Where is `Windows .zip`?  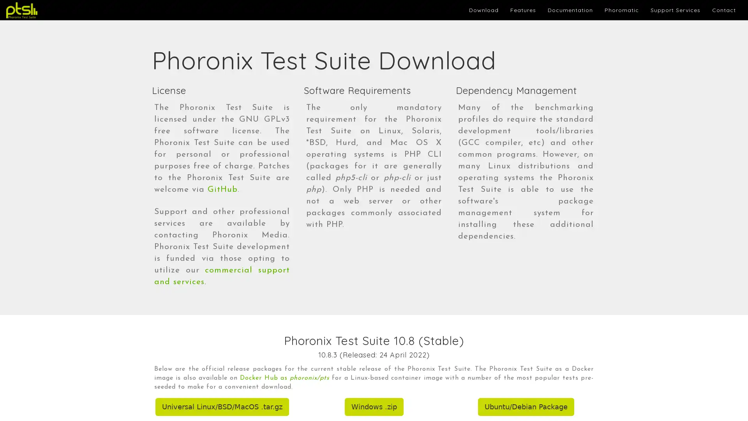 Windows .zip is located at coordinates (373, 407).